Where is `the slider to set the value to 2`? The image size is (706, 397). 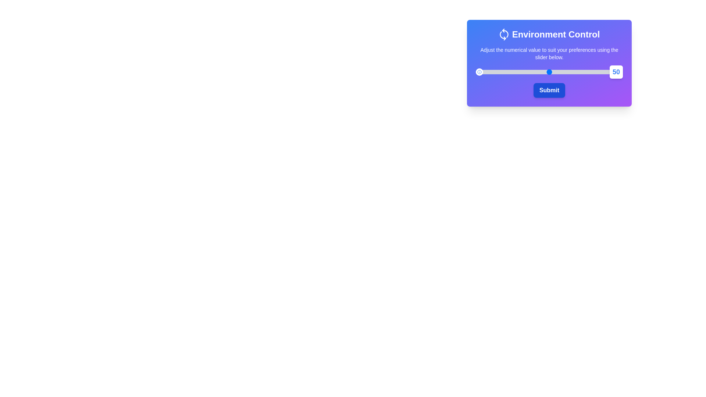
the slider to set the value to 2 is located at coordinates (478, 72).